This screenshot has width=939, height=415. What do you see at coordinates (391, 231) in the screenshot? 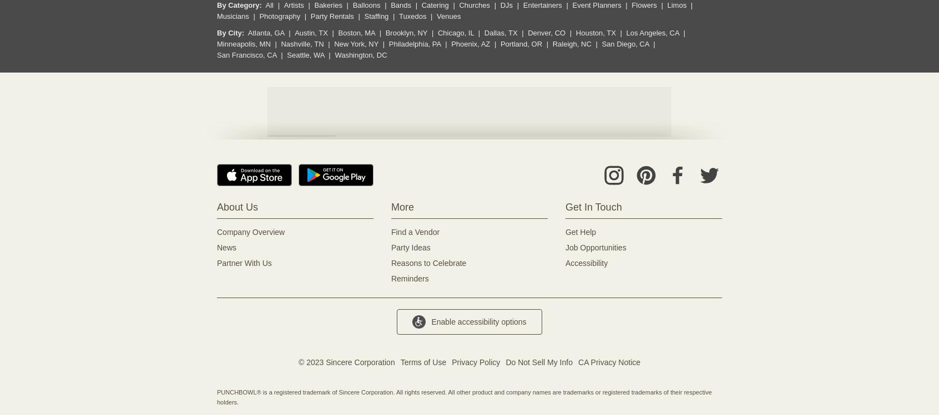
I see `'Find a Vendor'` at bounding box center [391, 231].